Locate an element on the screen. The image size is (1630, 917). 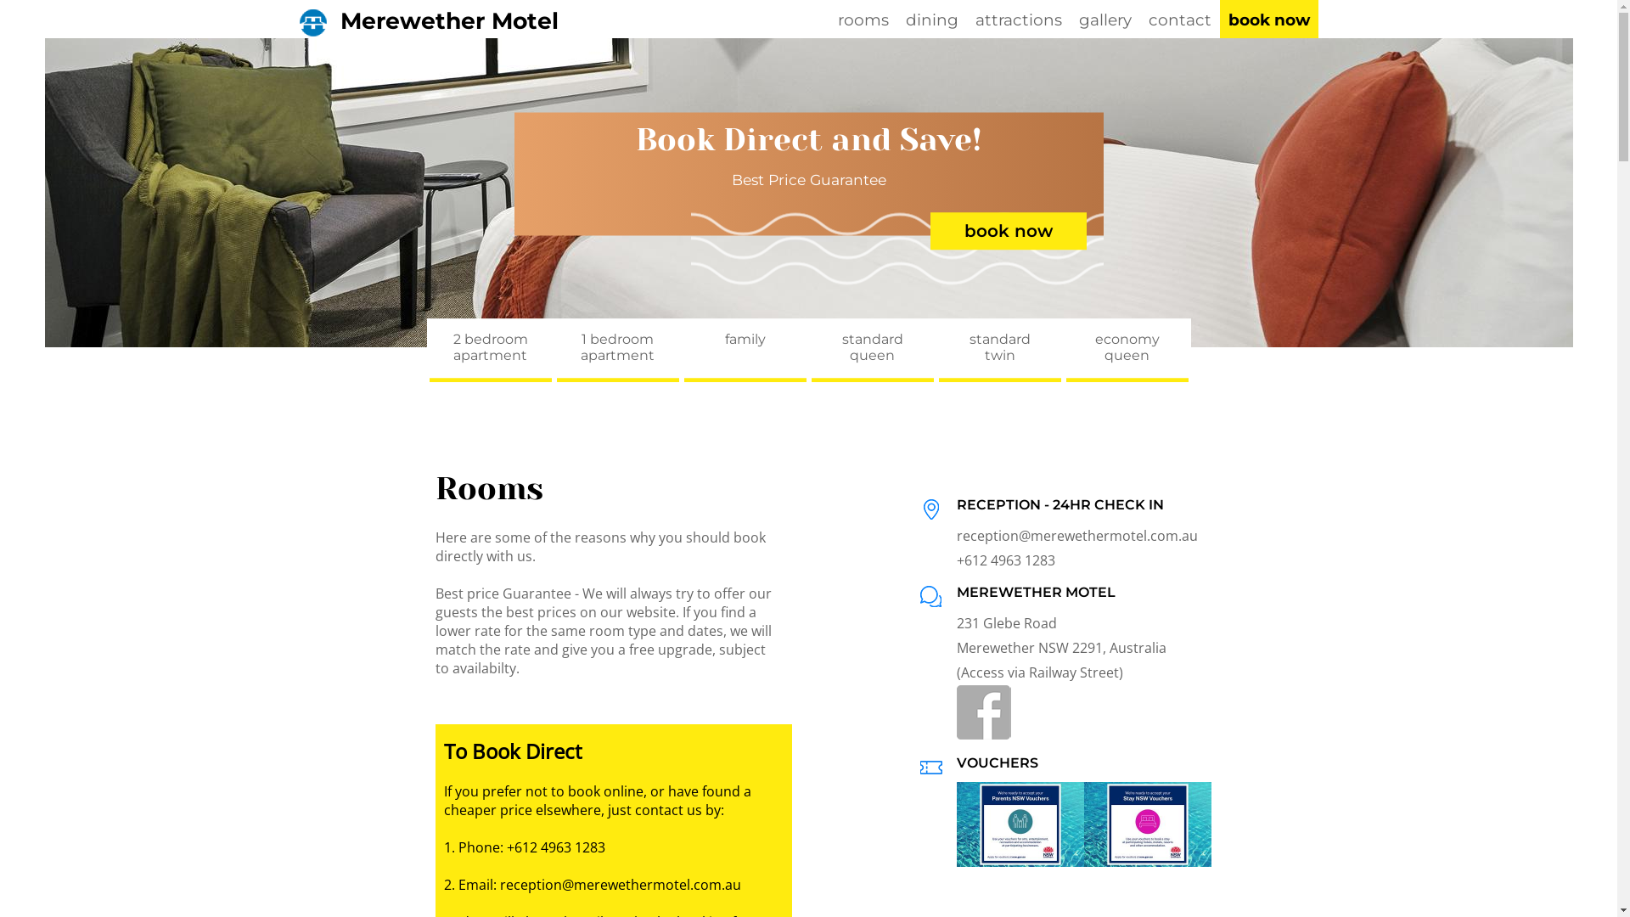
'family' is located at coordinates (680, 352).